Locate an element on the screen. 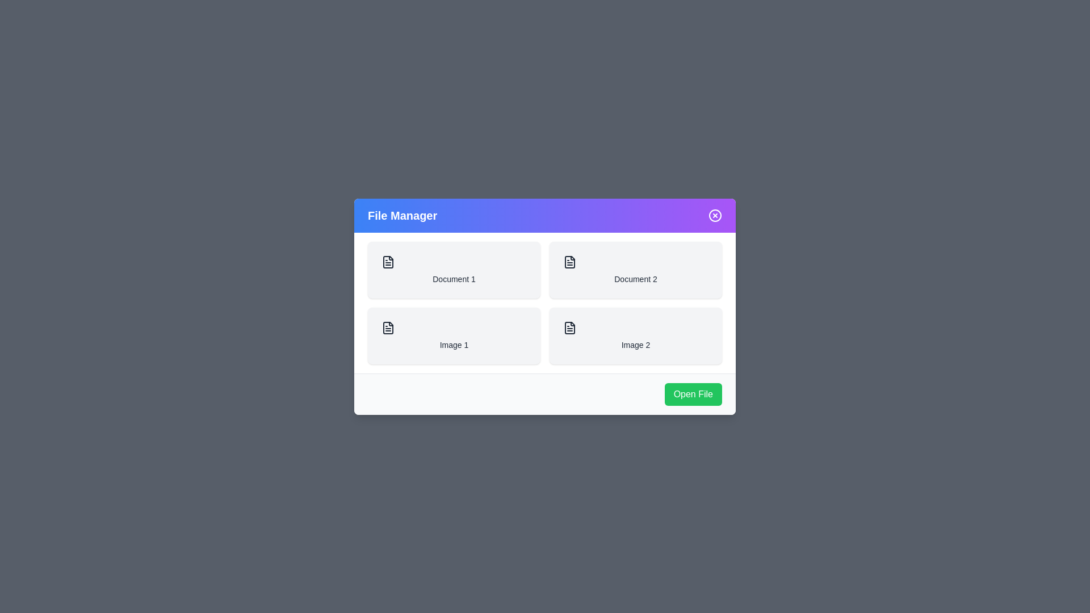  the file item Document 1 from the list is located at coordinates (454, 270).